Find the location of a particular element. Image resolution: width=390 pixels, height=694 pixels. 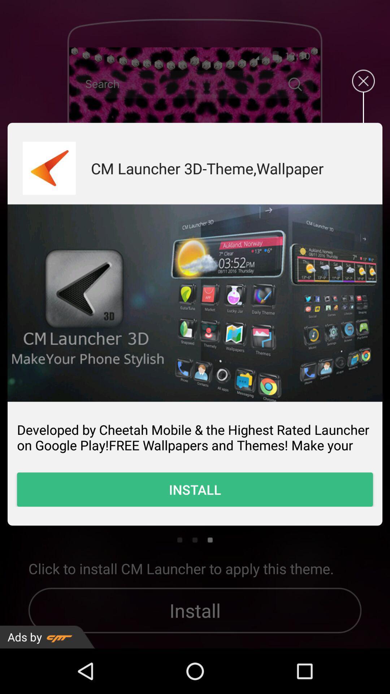

tab to open image is located at coordinates (195, 303).